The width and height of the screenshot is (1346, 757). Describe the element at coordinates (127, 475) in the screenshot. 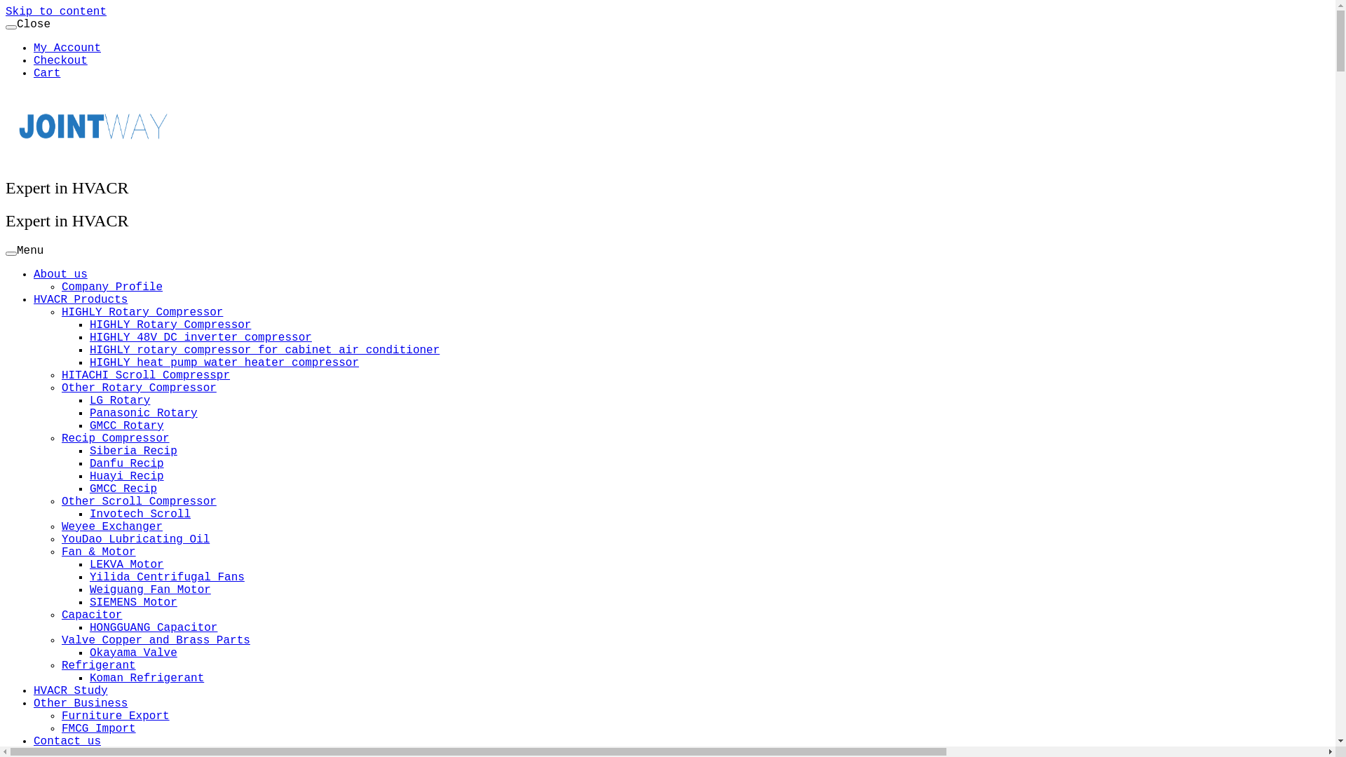

I see `'Huayi Recip'` at that location.